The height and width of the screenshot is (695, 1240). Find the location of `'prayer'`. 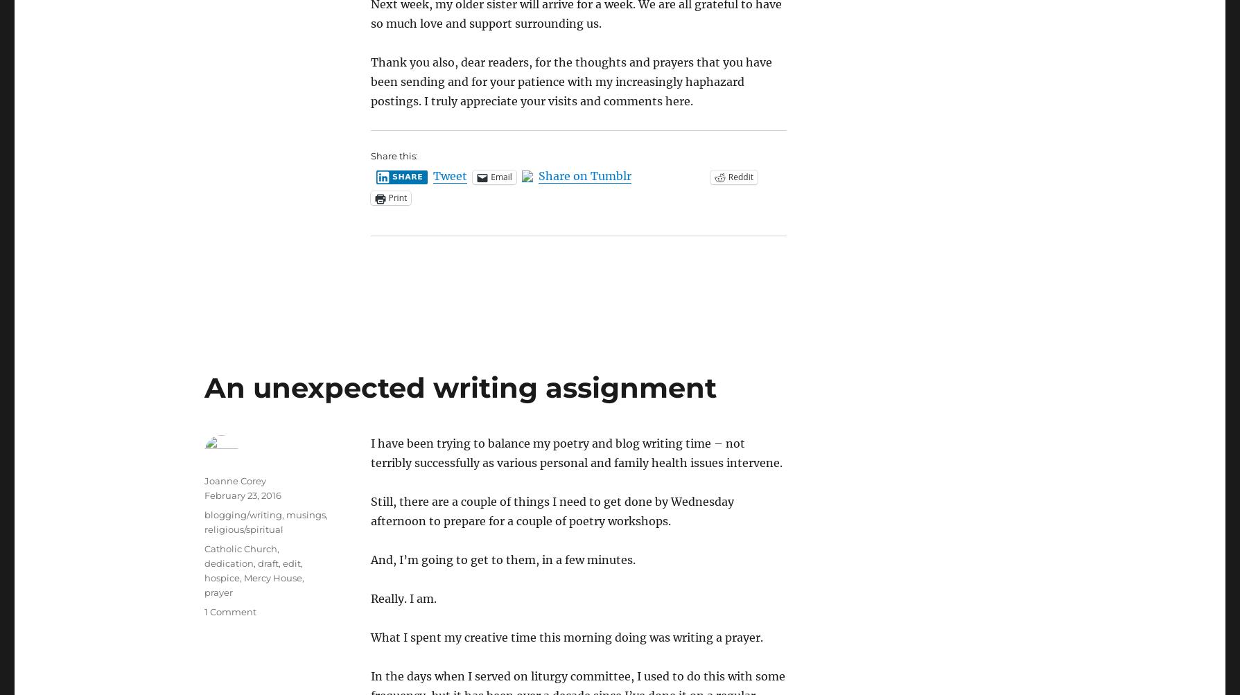

'prayer' is located at coordinates (203, 591).